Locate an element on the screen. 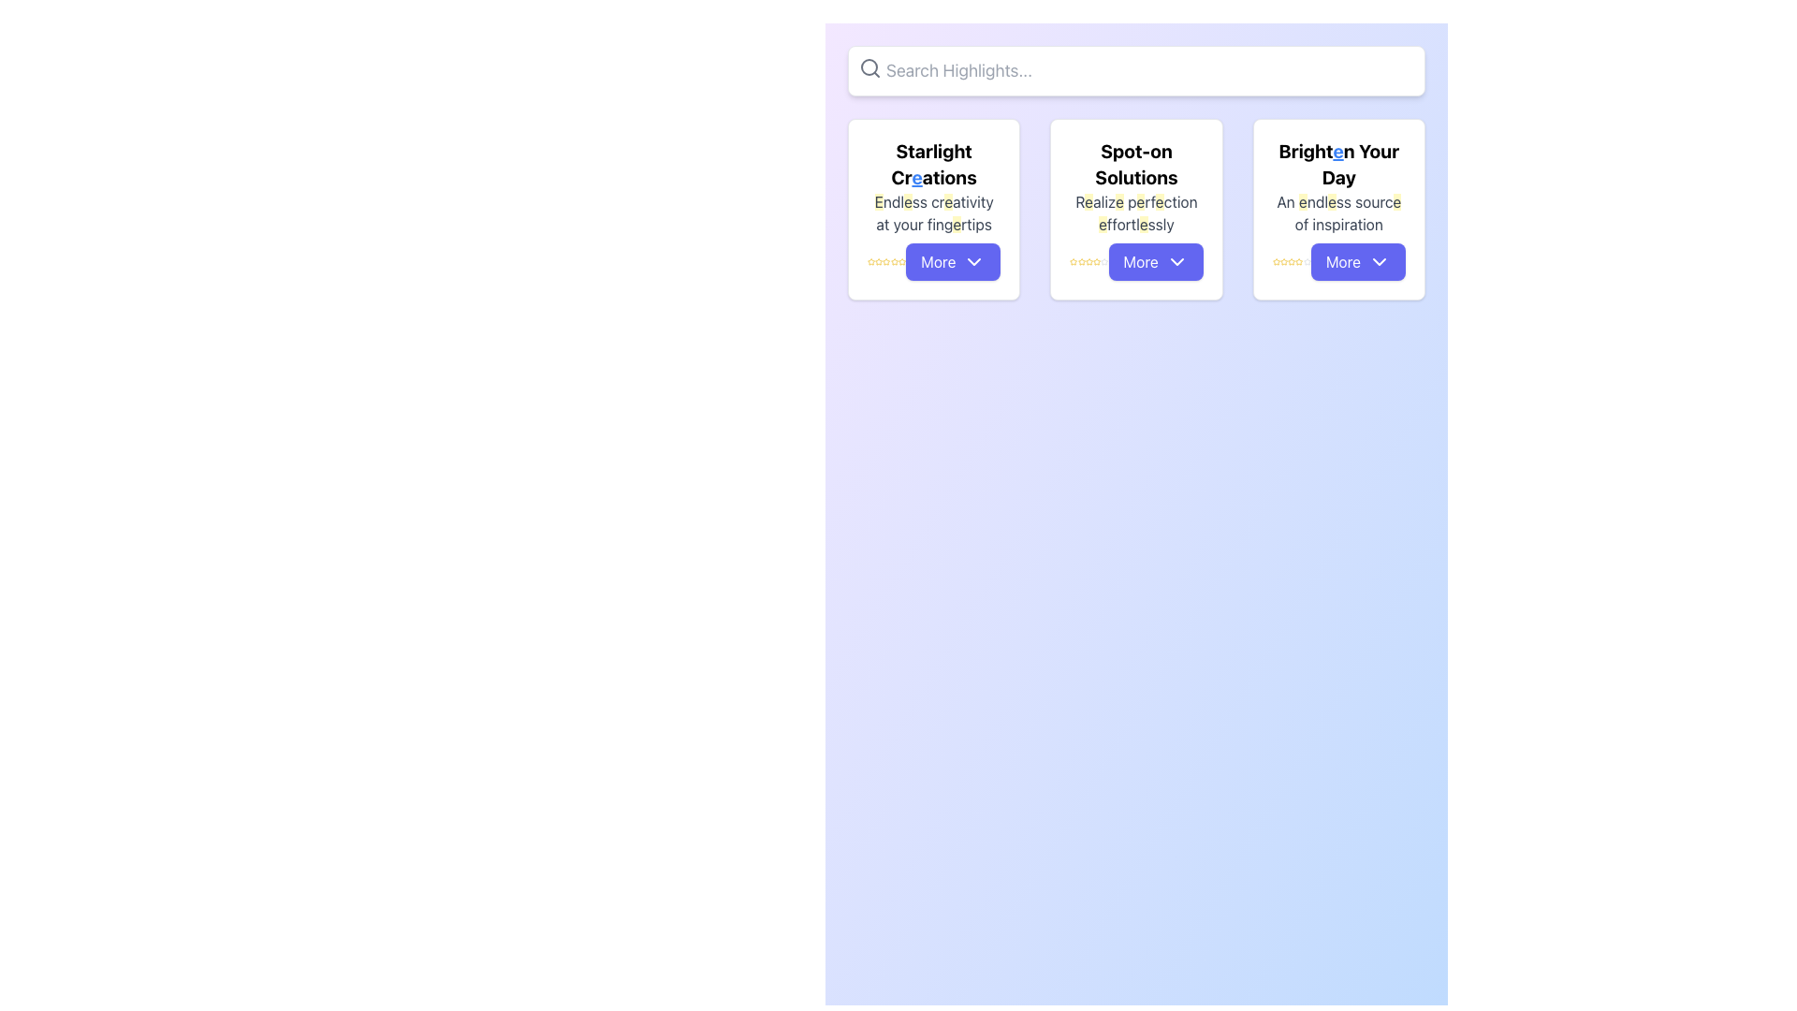  the last star icon in the series of five star icons beneath the 'Brighten Your Day' text is located at coordinates (1306, 262).